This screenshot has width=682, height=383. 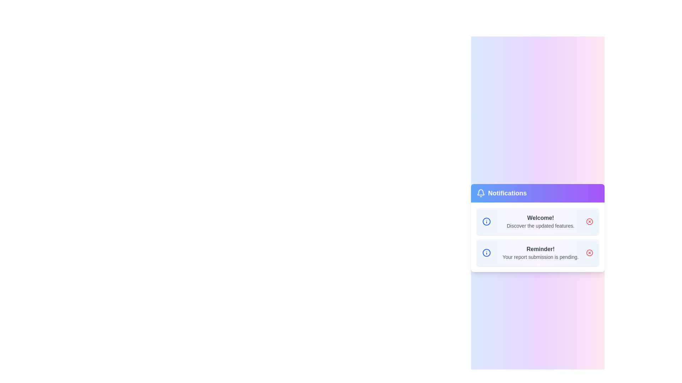 What do you see at coordinates (481, 193) in the screenshot?
I see `the bell-shaped notification icon located at the left end of the 'Notifications' header bar to interact with the related notifications section` at bounding box center [481, 193].